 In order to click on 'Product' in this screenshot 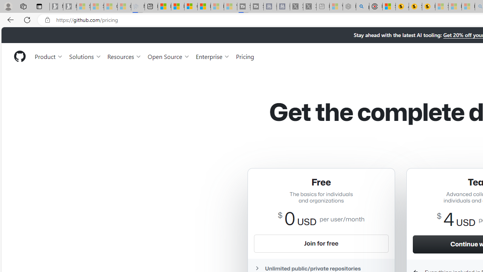, I will do `click(49, 56)`.